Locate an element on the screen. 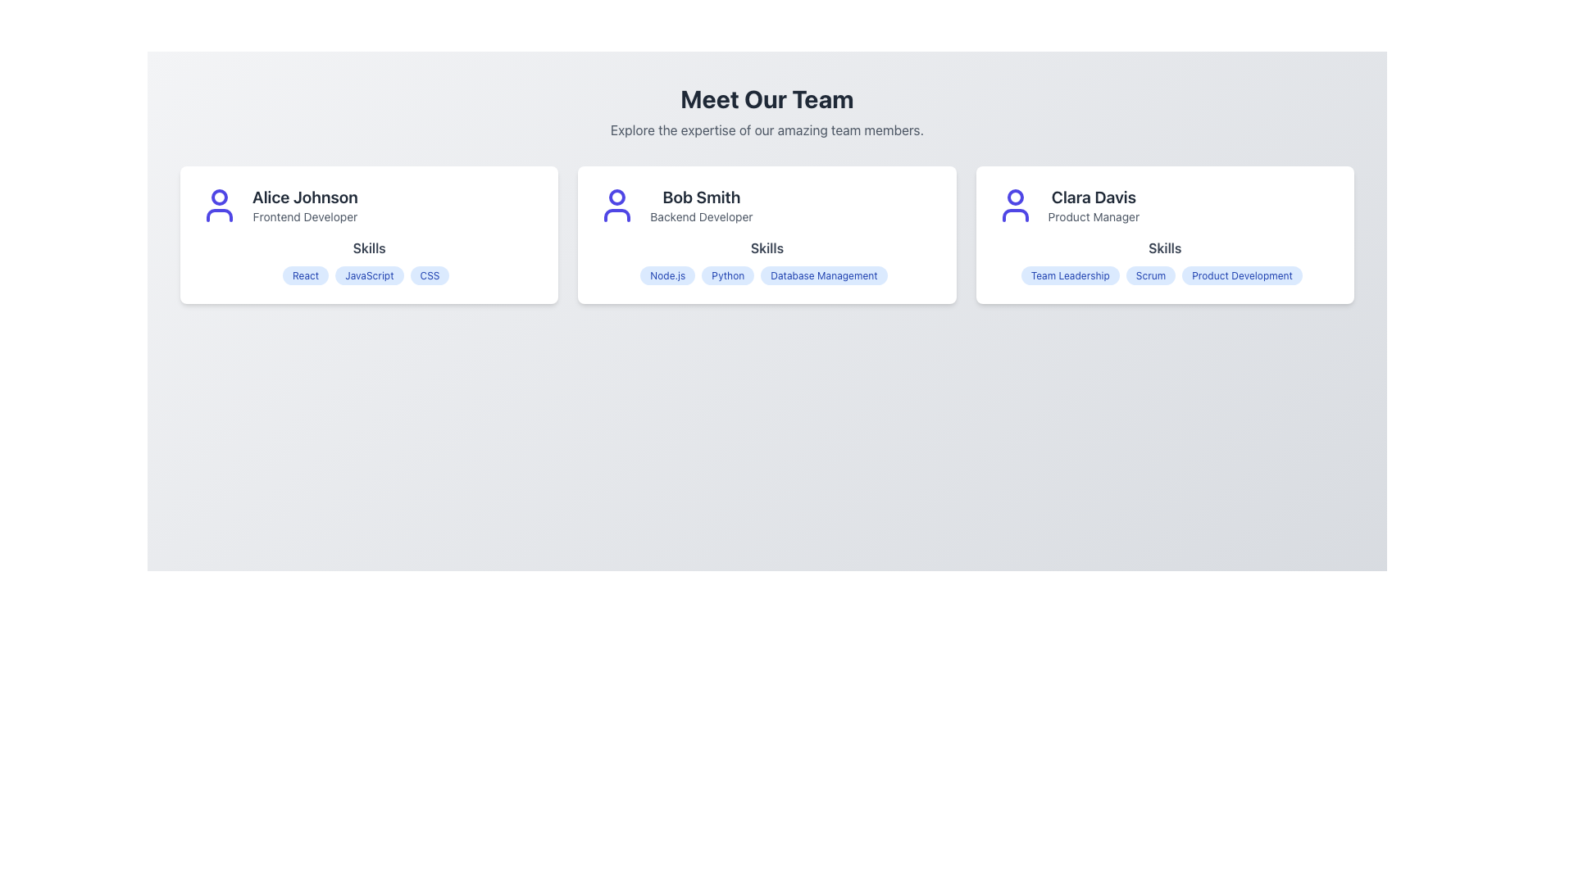 This screenshot has height=885, width=1574. the Profile summary block for Clara Davis, the Product Manager is located at coordinates (1164, 204).